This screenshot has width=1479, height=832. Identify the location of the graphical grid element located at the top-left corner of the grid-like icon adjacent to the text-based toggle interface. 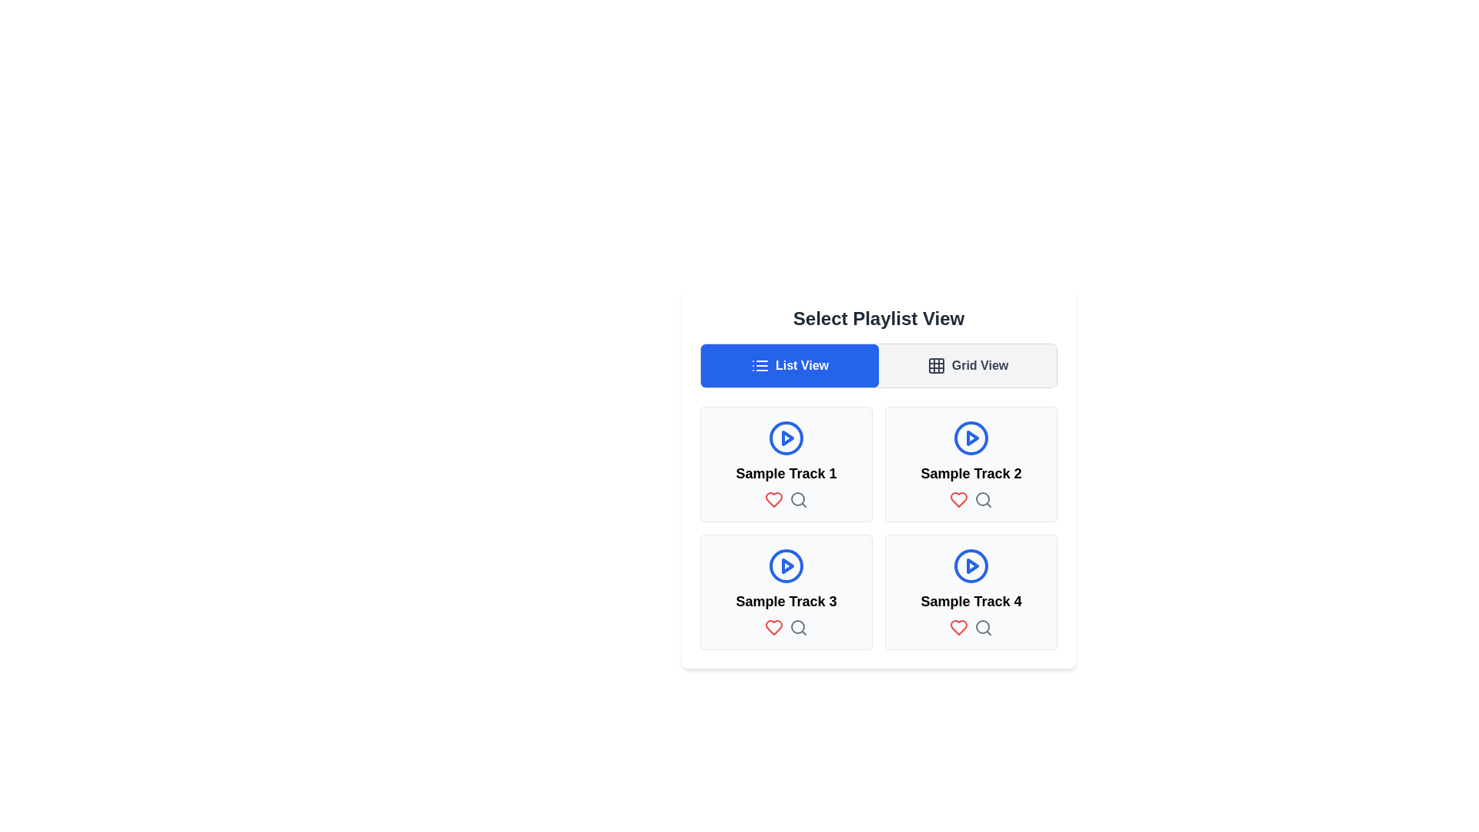
(934, 365).